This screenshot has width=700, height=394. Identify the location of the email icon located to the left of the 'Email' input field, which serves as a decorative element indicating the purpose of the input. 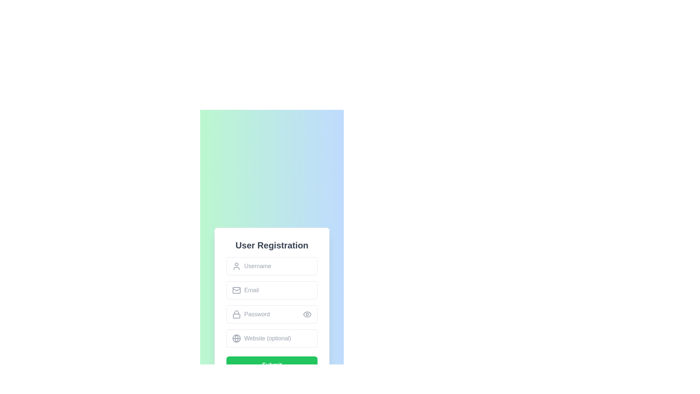
(236, 290).